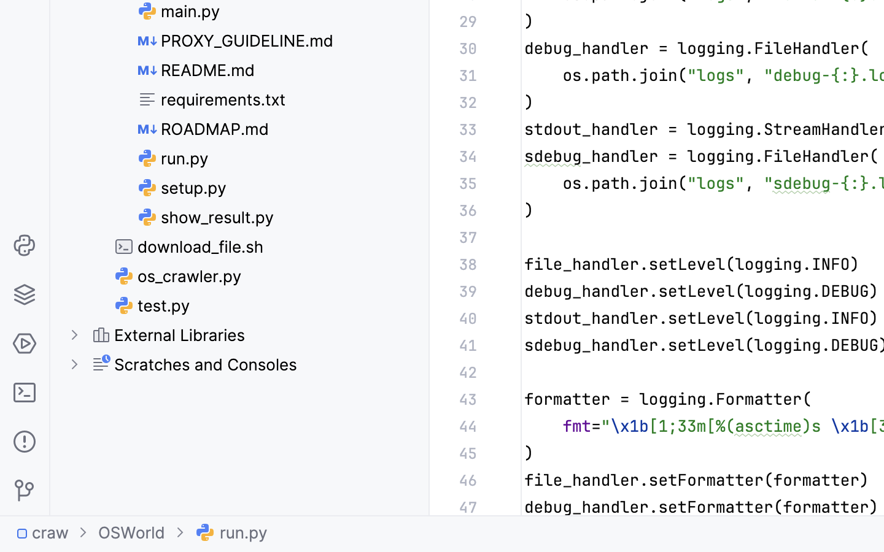  Describe the element at coordinates (204, 128) in the screenshot. I see `'ROADMAP.md'` at that location.